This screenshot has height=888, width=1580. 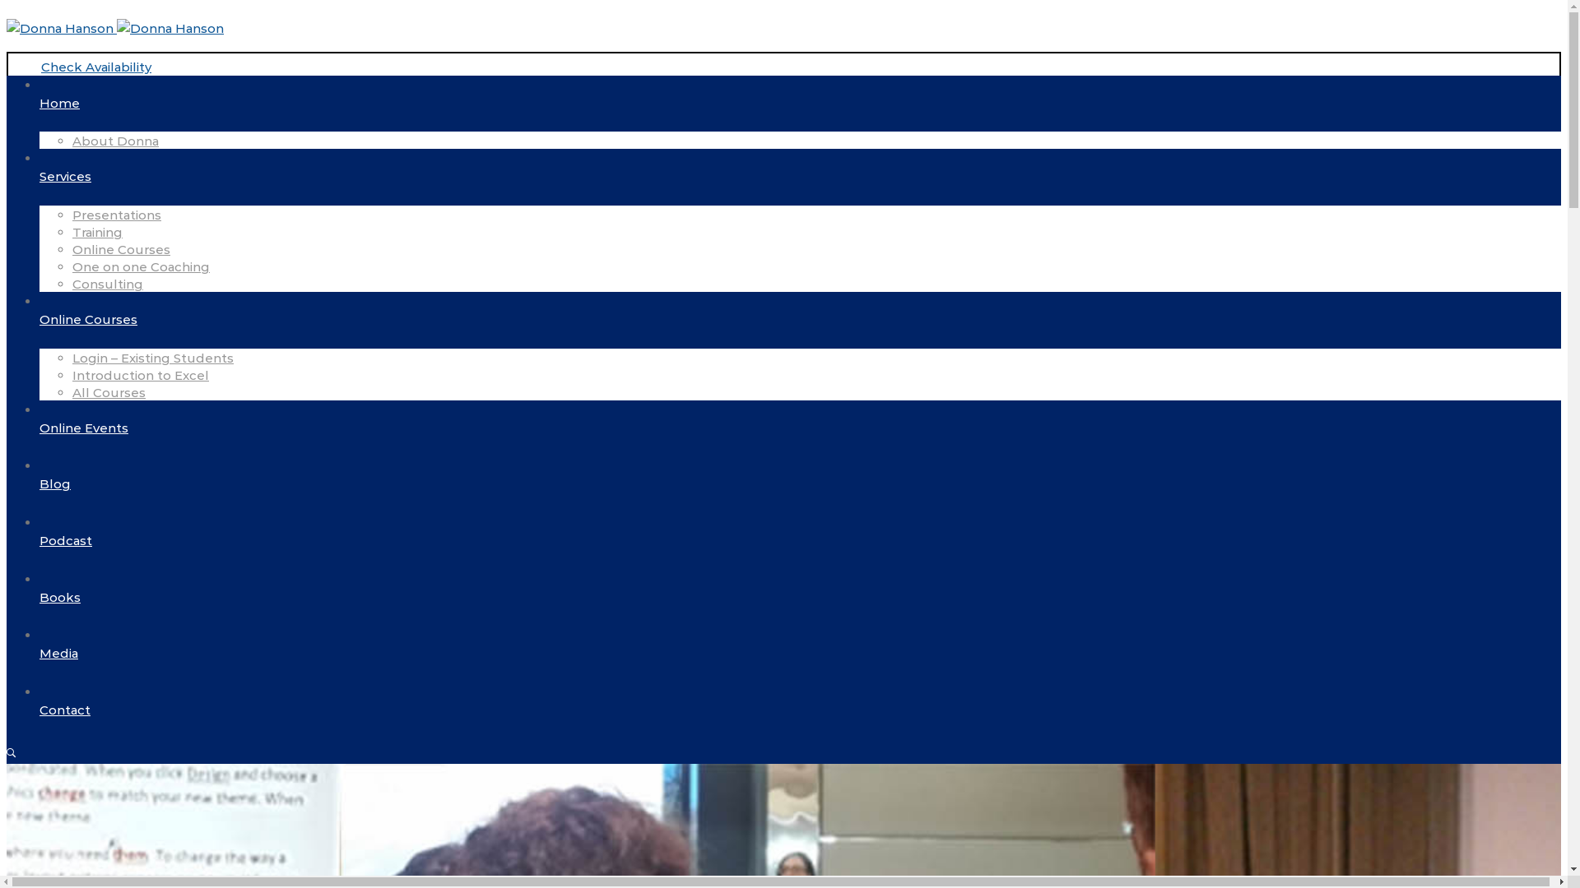 What do you see at coordinates (800, 652) in the screenshot?
I see `'Media'` at bounding box center [800, 652].